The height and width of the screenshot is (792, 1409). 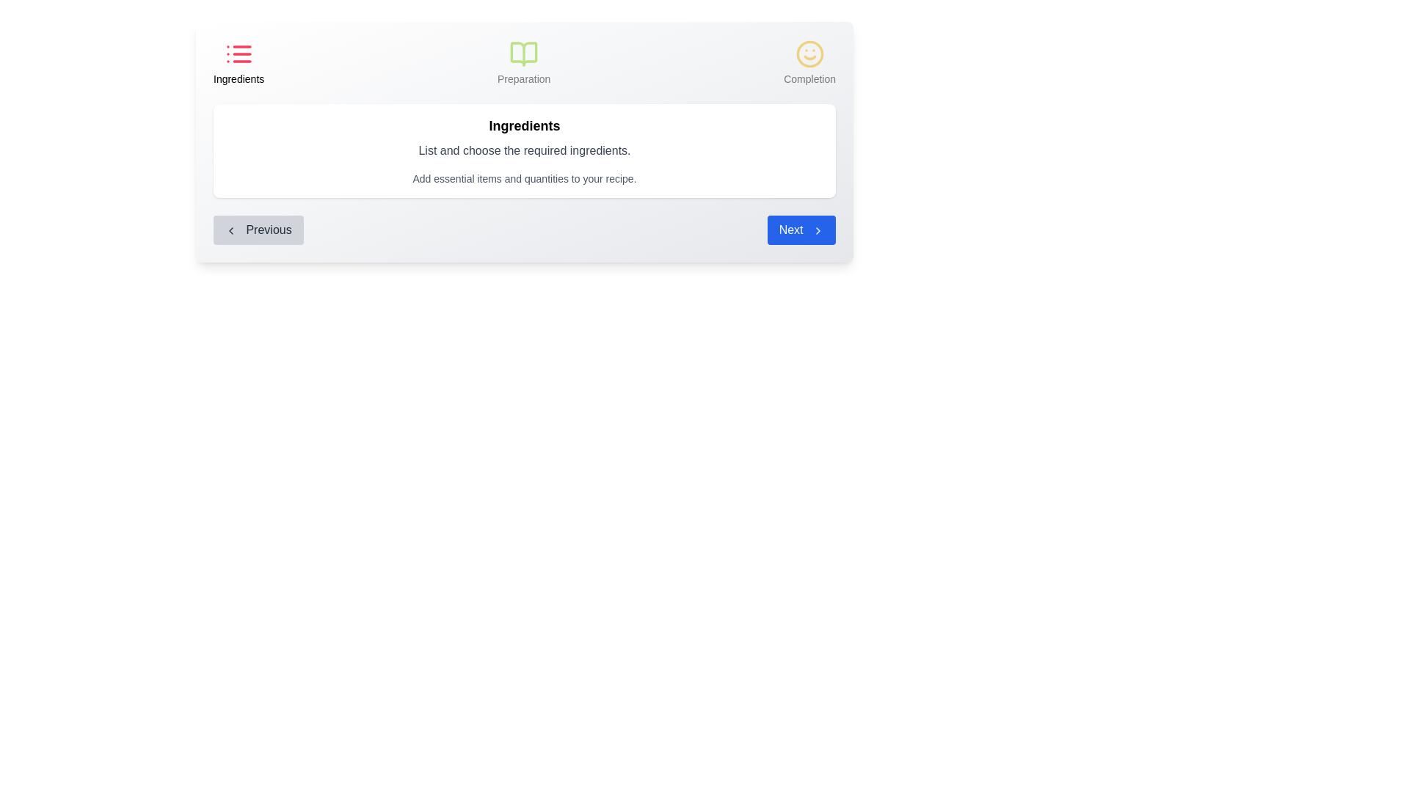 What do you see at coordinates (809, 53) in the screenshot?
I see `the circular graphical shape that is part of the smiley face icon located at the far right of the header section` at bounding box center [809, 53].